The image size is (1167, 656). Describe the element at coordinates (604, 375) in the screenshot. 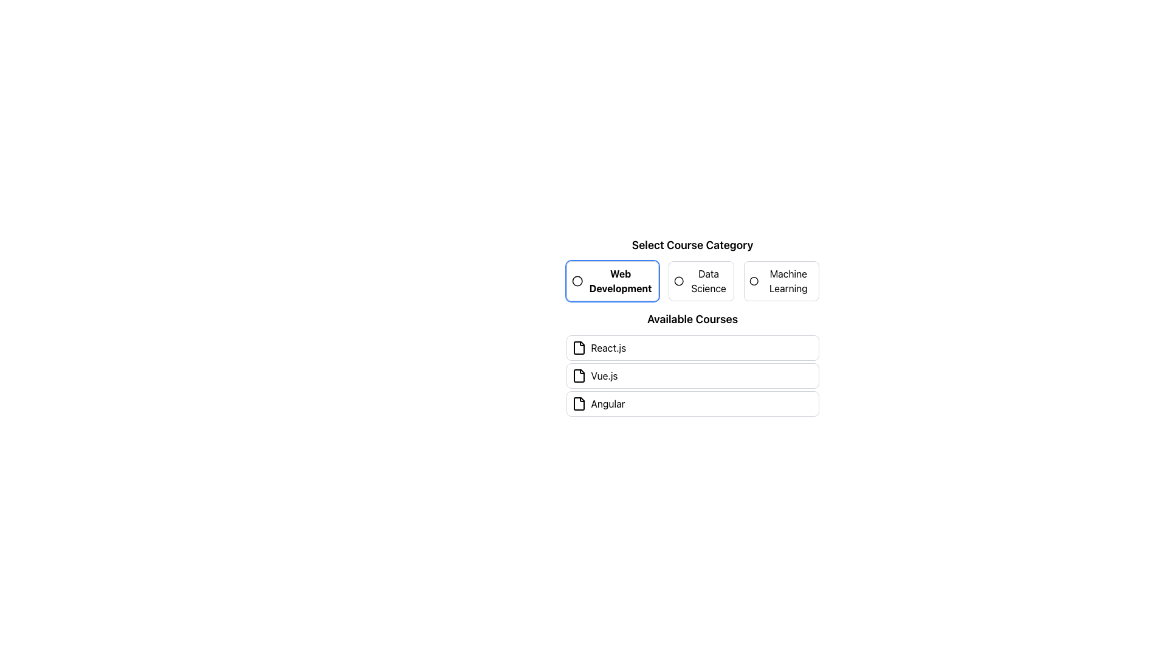

I see `the text label displaying 'Vue.js' inside the interactive course box located in the 'Available Courses' section` at that location.